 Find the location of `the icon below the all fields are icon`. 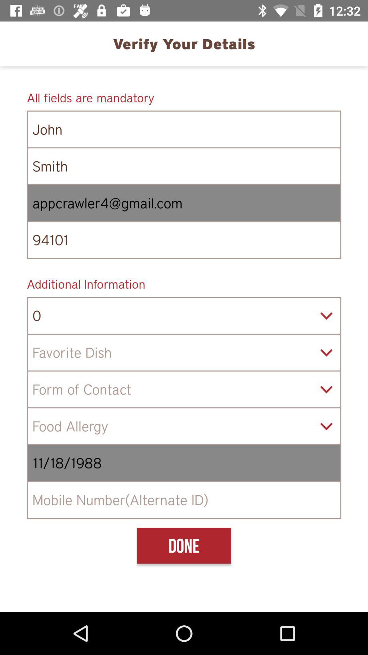

the icon below the all fields are icon is located at coordinates (184, 129).